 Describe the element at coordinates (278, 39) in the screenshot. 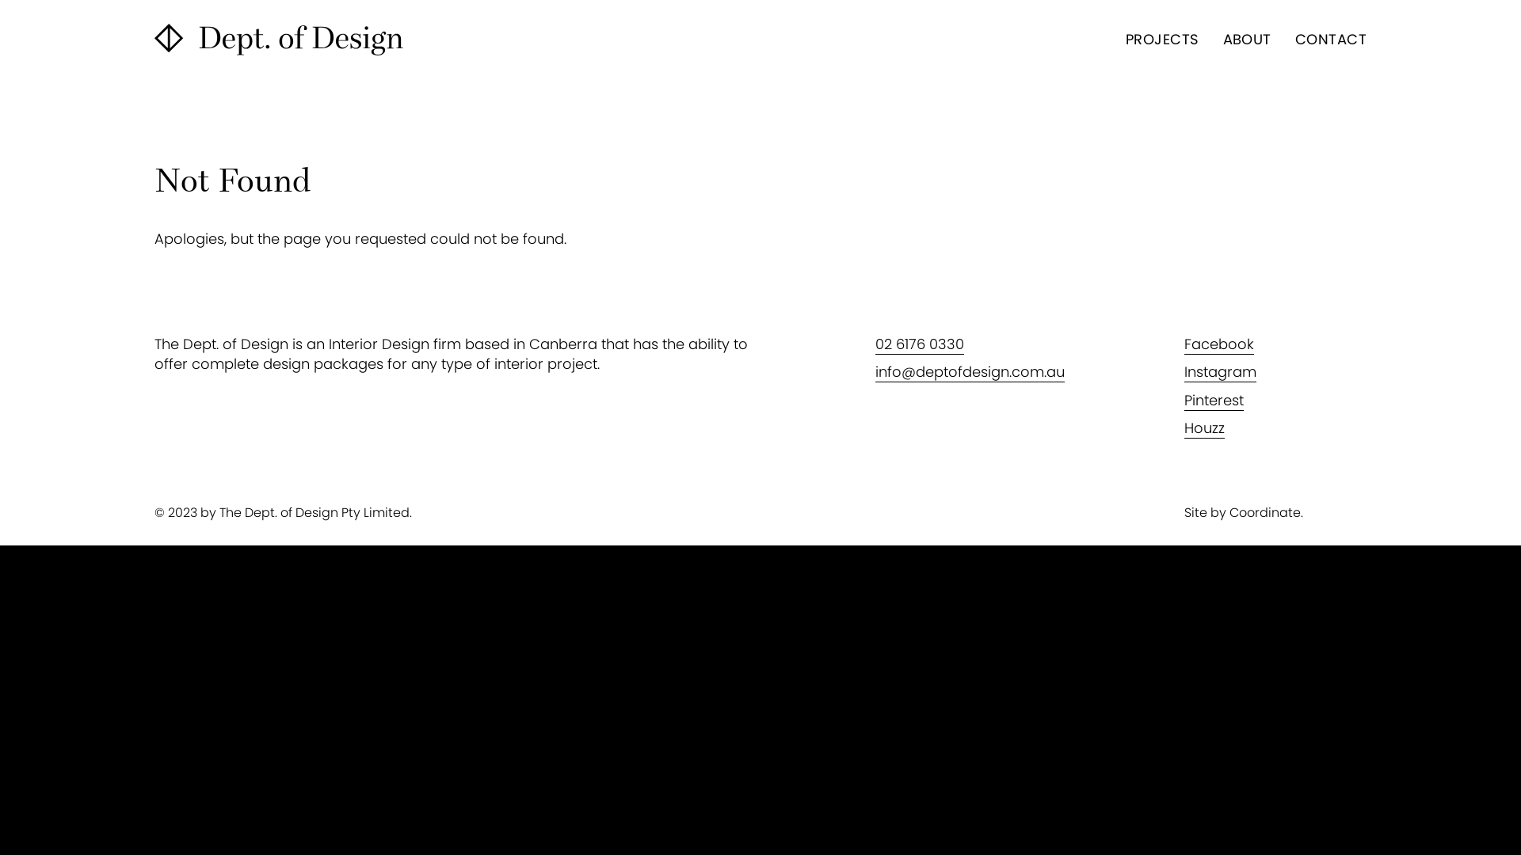

I see `'The Dept. of Design'` at that location.